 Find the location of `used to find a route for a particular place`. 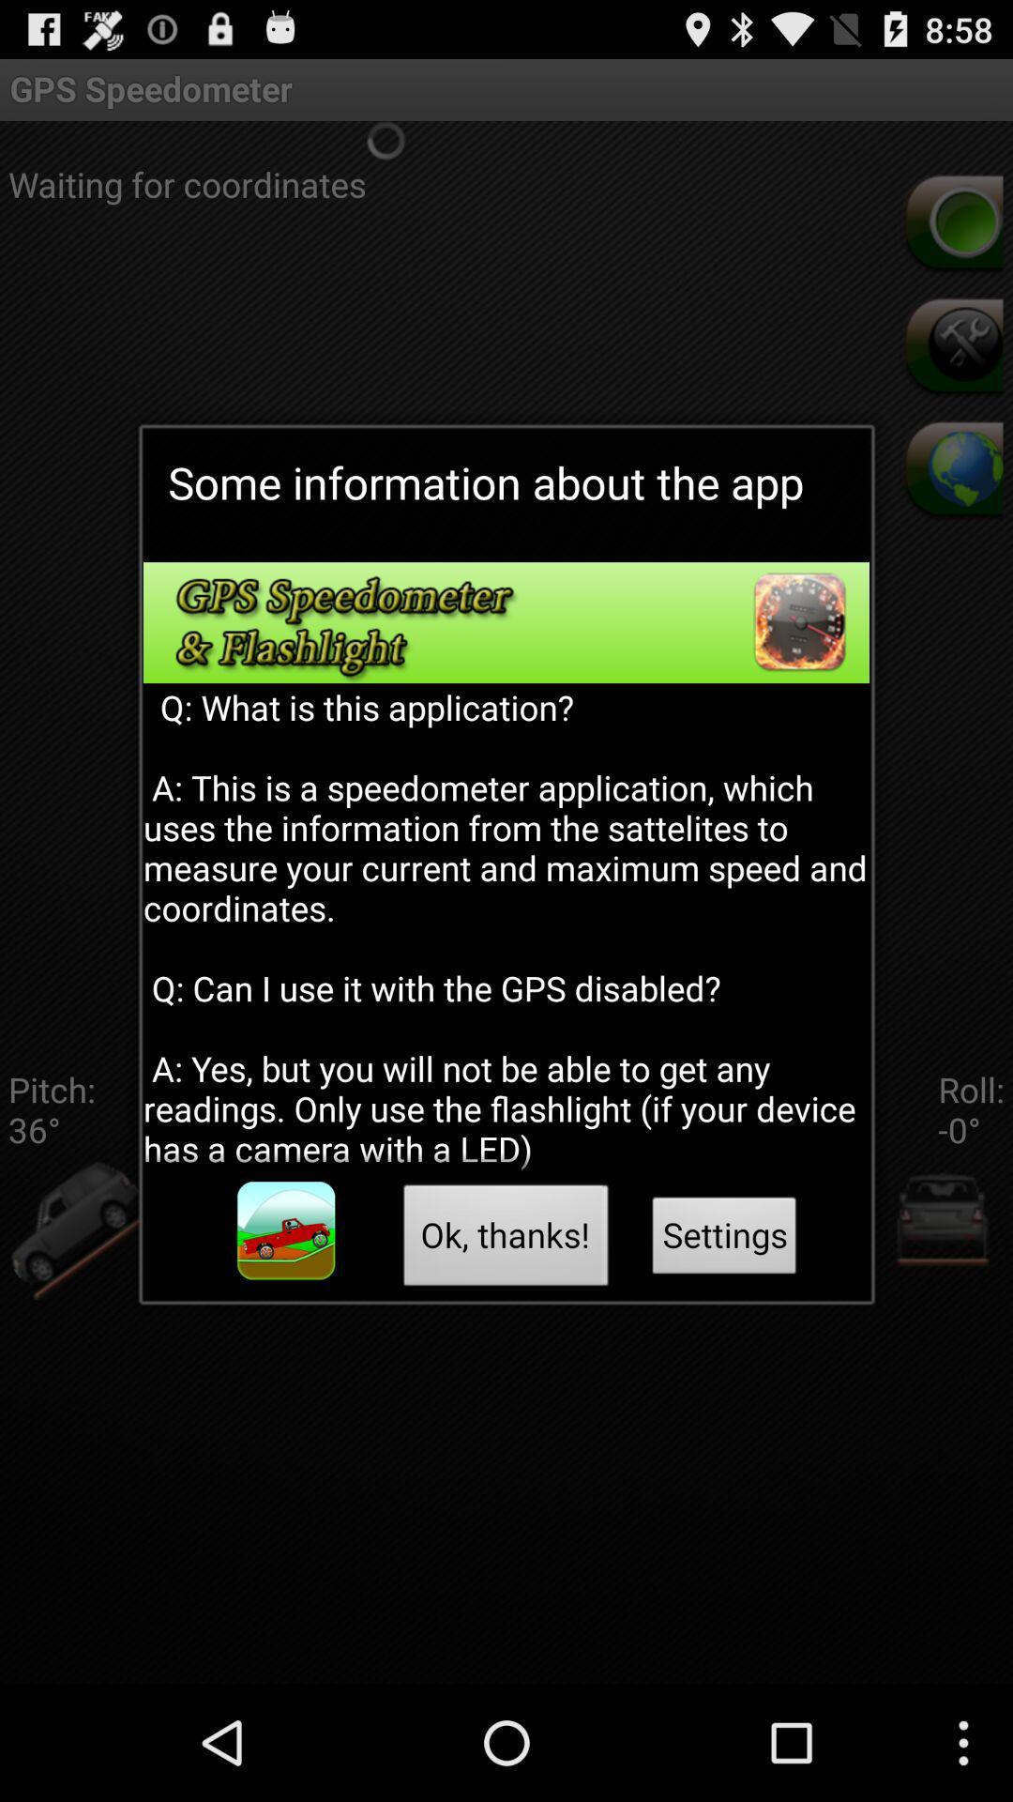

used to find a route for a particular place is located at coordinates (286, 1230).